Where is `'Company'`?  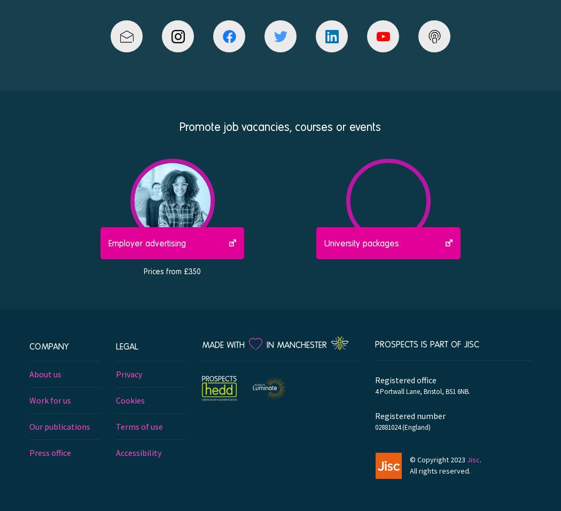 'Company' is located at coordinates (29, 345).